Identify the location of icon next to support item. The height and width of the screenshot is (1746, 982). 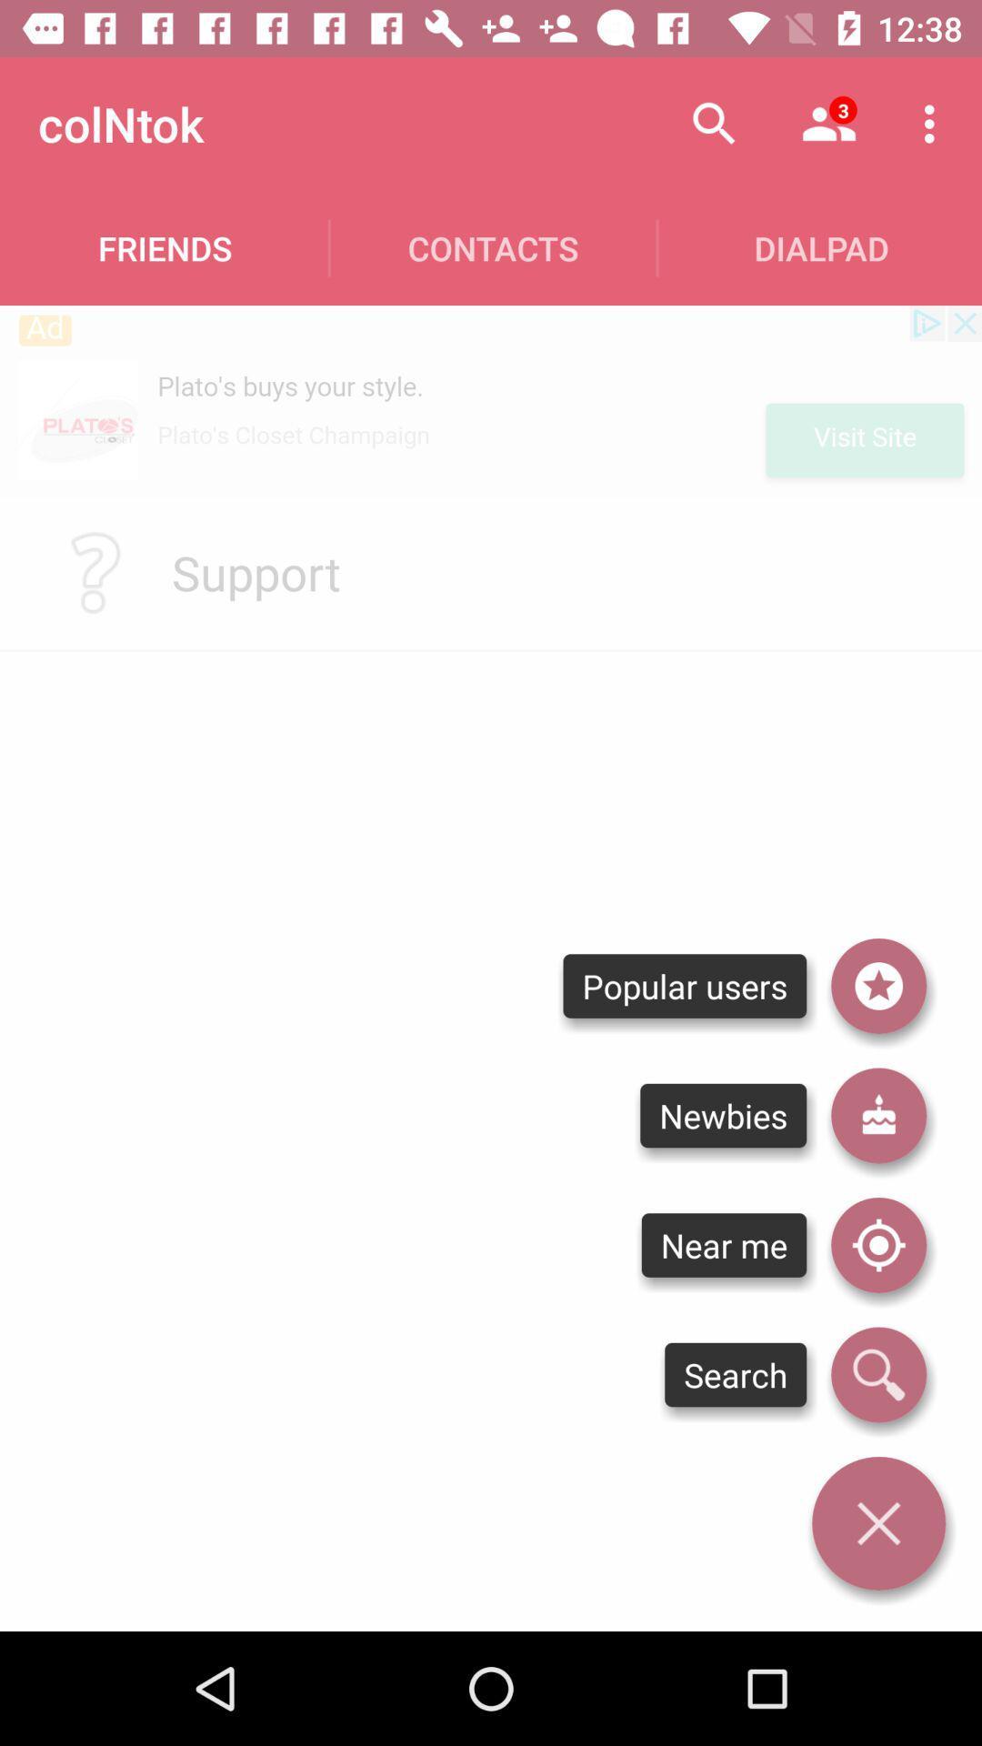
(95, 571).